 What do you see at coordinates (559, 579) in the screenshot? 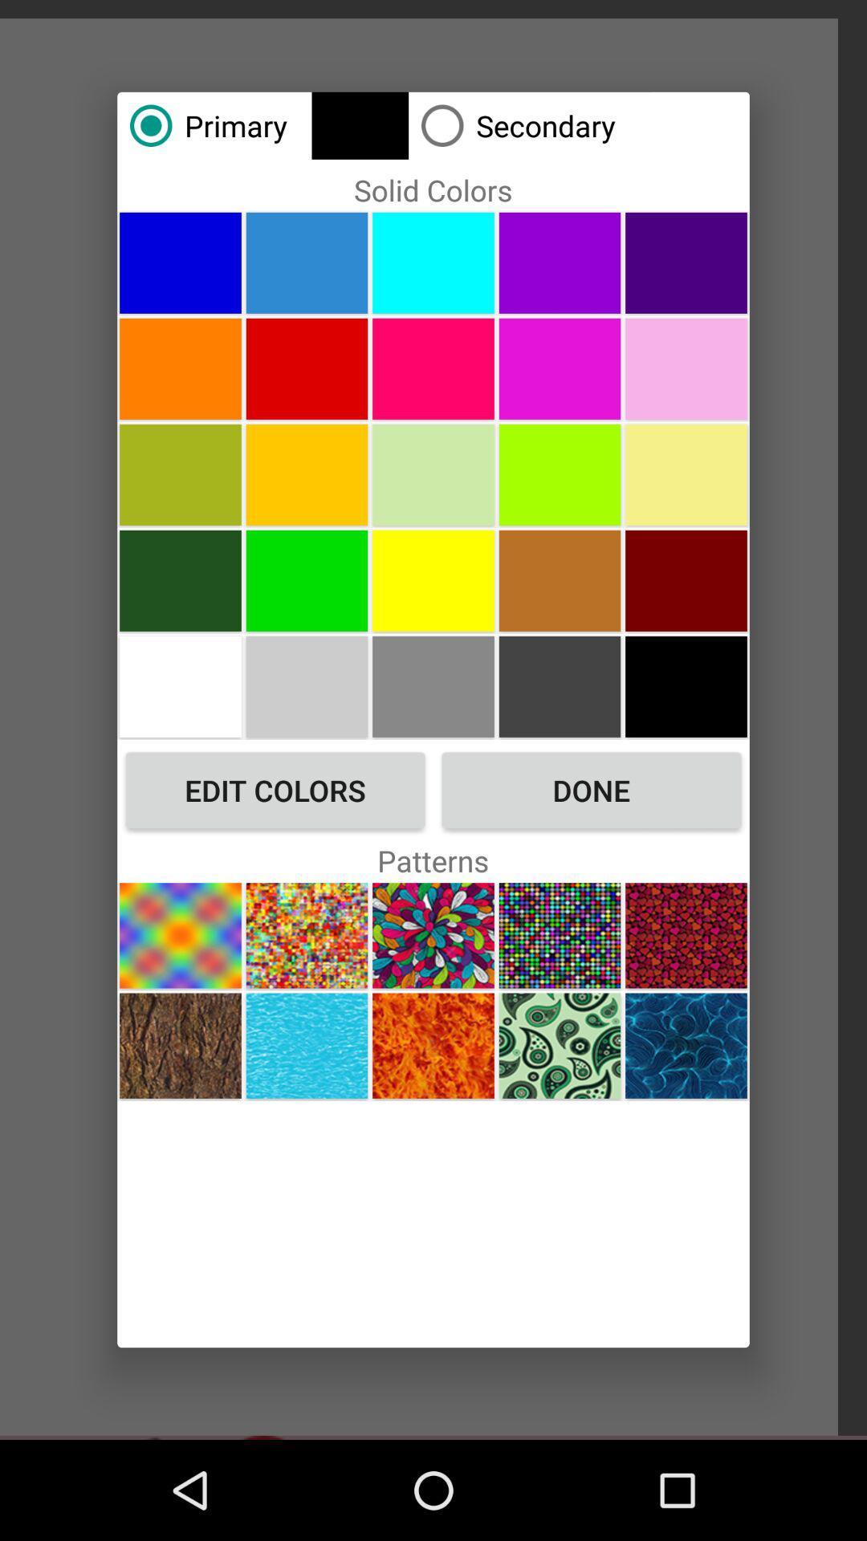
I see `change color to brown` at bounding box center [559, 579].